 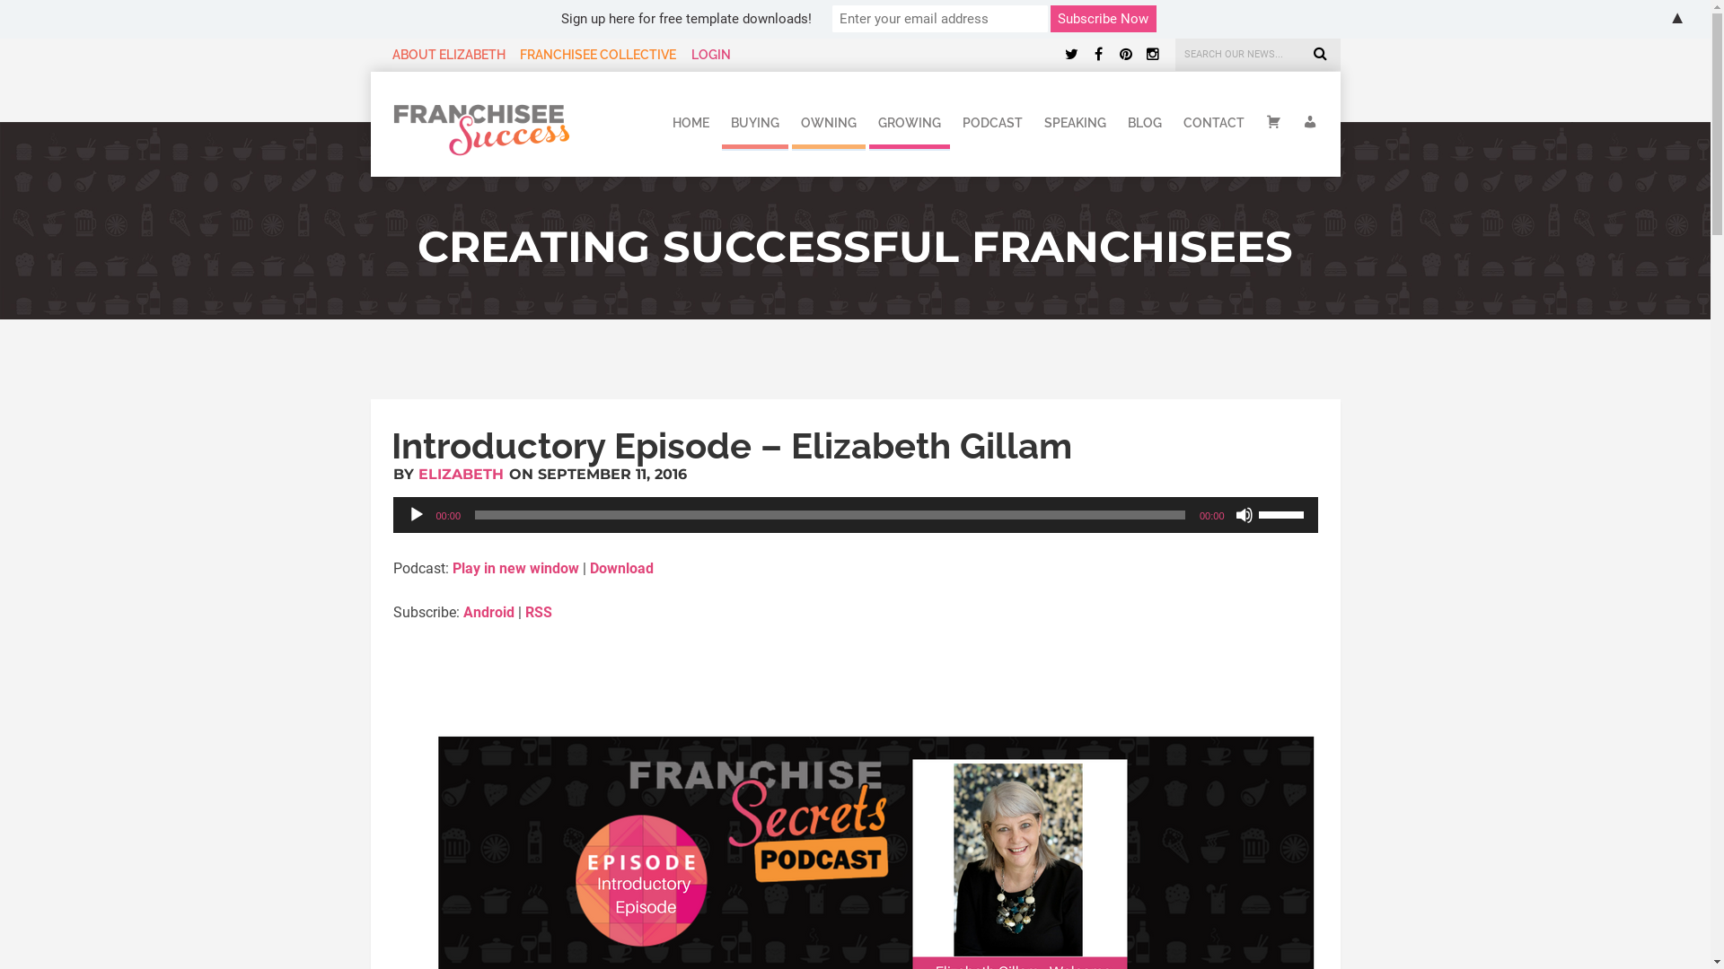 I want to click on 'OWNING', so click(x=827, y=118).